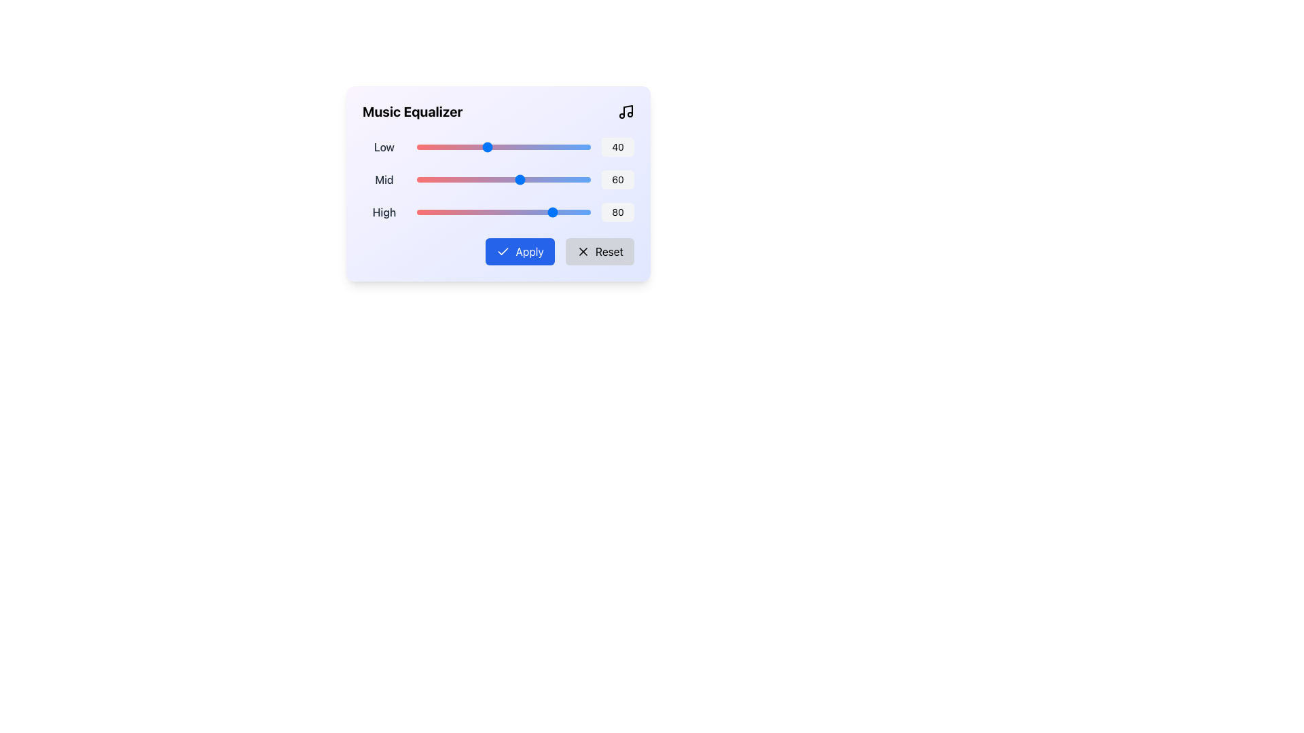 The width and height of the screenshot is (1304, 733). I want to click on the low equalizer slider, so click(443, 147).